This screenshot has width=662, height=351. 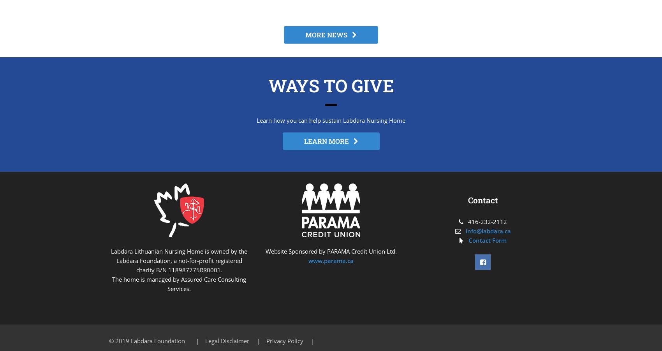 What do you see at coordinates (482, 200) in the screenshot?
I see `'Contact'` at bounding box center [482, 200].